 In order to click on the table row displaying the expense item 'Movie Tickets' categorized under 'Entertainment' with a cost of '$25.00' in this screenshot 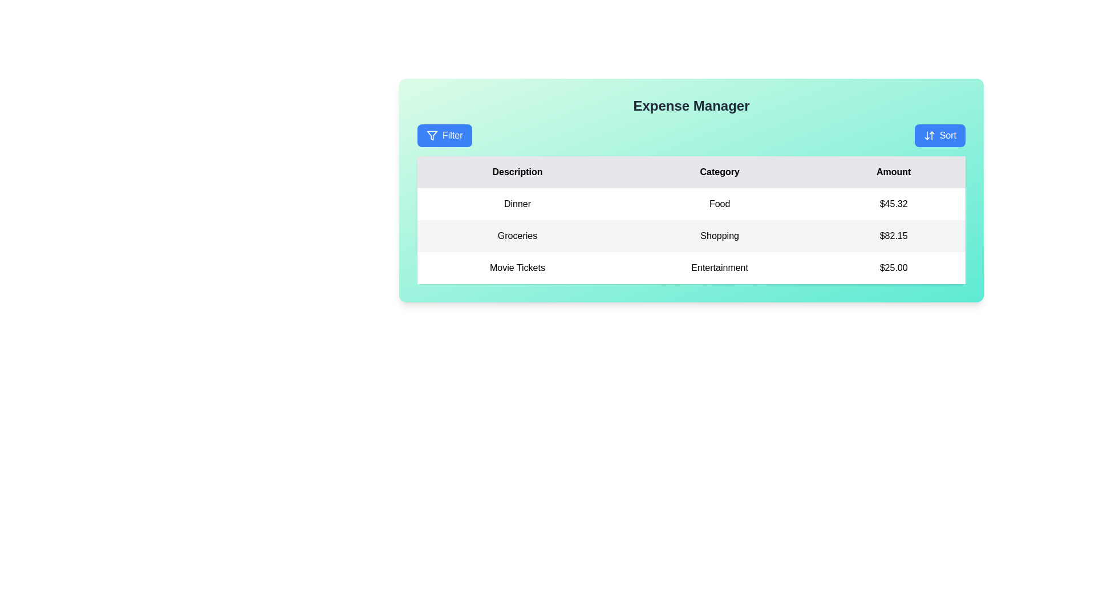, I will do `click(691, 268)`.